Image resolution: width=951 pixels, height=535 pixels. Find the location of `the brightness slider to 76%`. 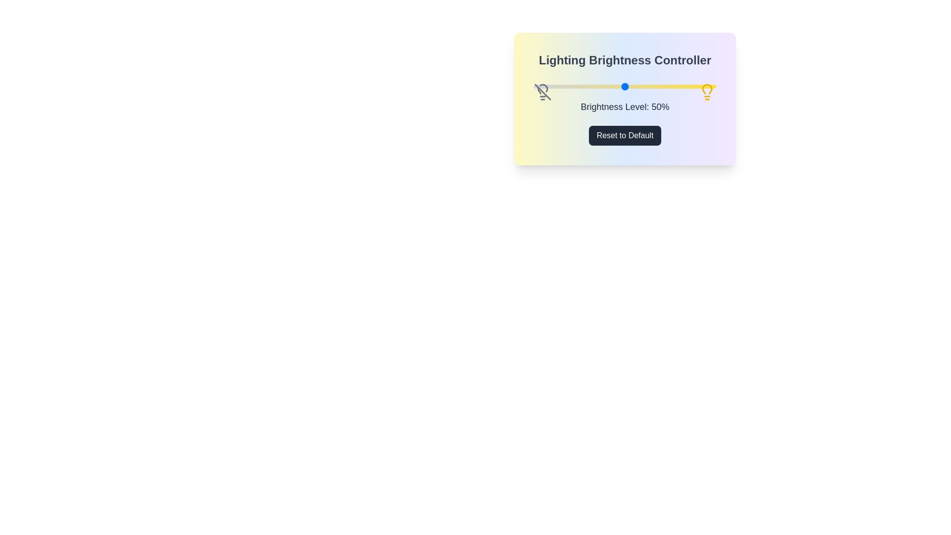

the brightness slider to 76% is located at coordinates (672, 86).